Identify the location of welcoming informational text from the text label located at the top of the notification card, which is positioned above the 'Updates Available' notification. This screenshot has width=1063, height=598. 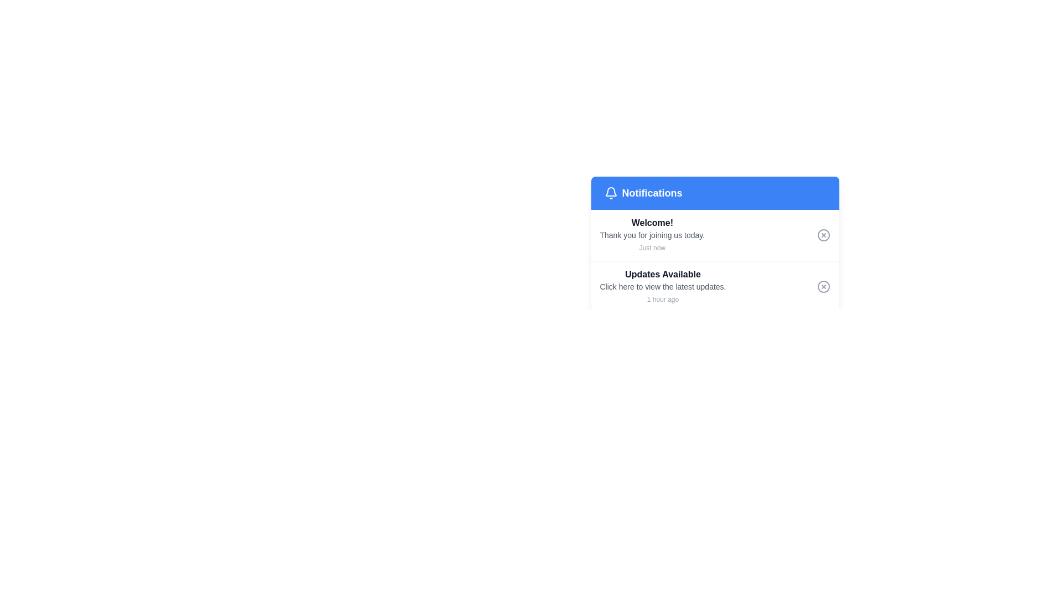
(652, 234).